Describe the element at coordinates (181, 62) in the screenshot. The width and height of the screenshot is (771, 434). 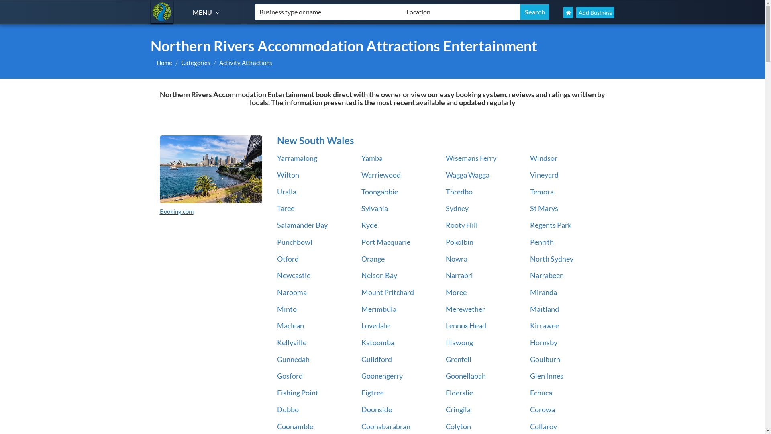
I see `'Categories'` at that location.